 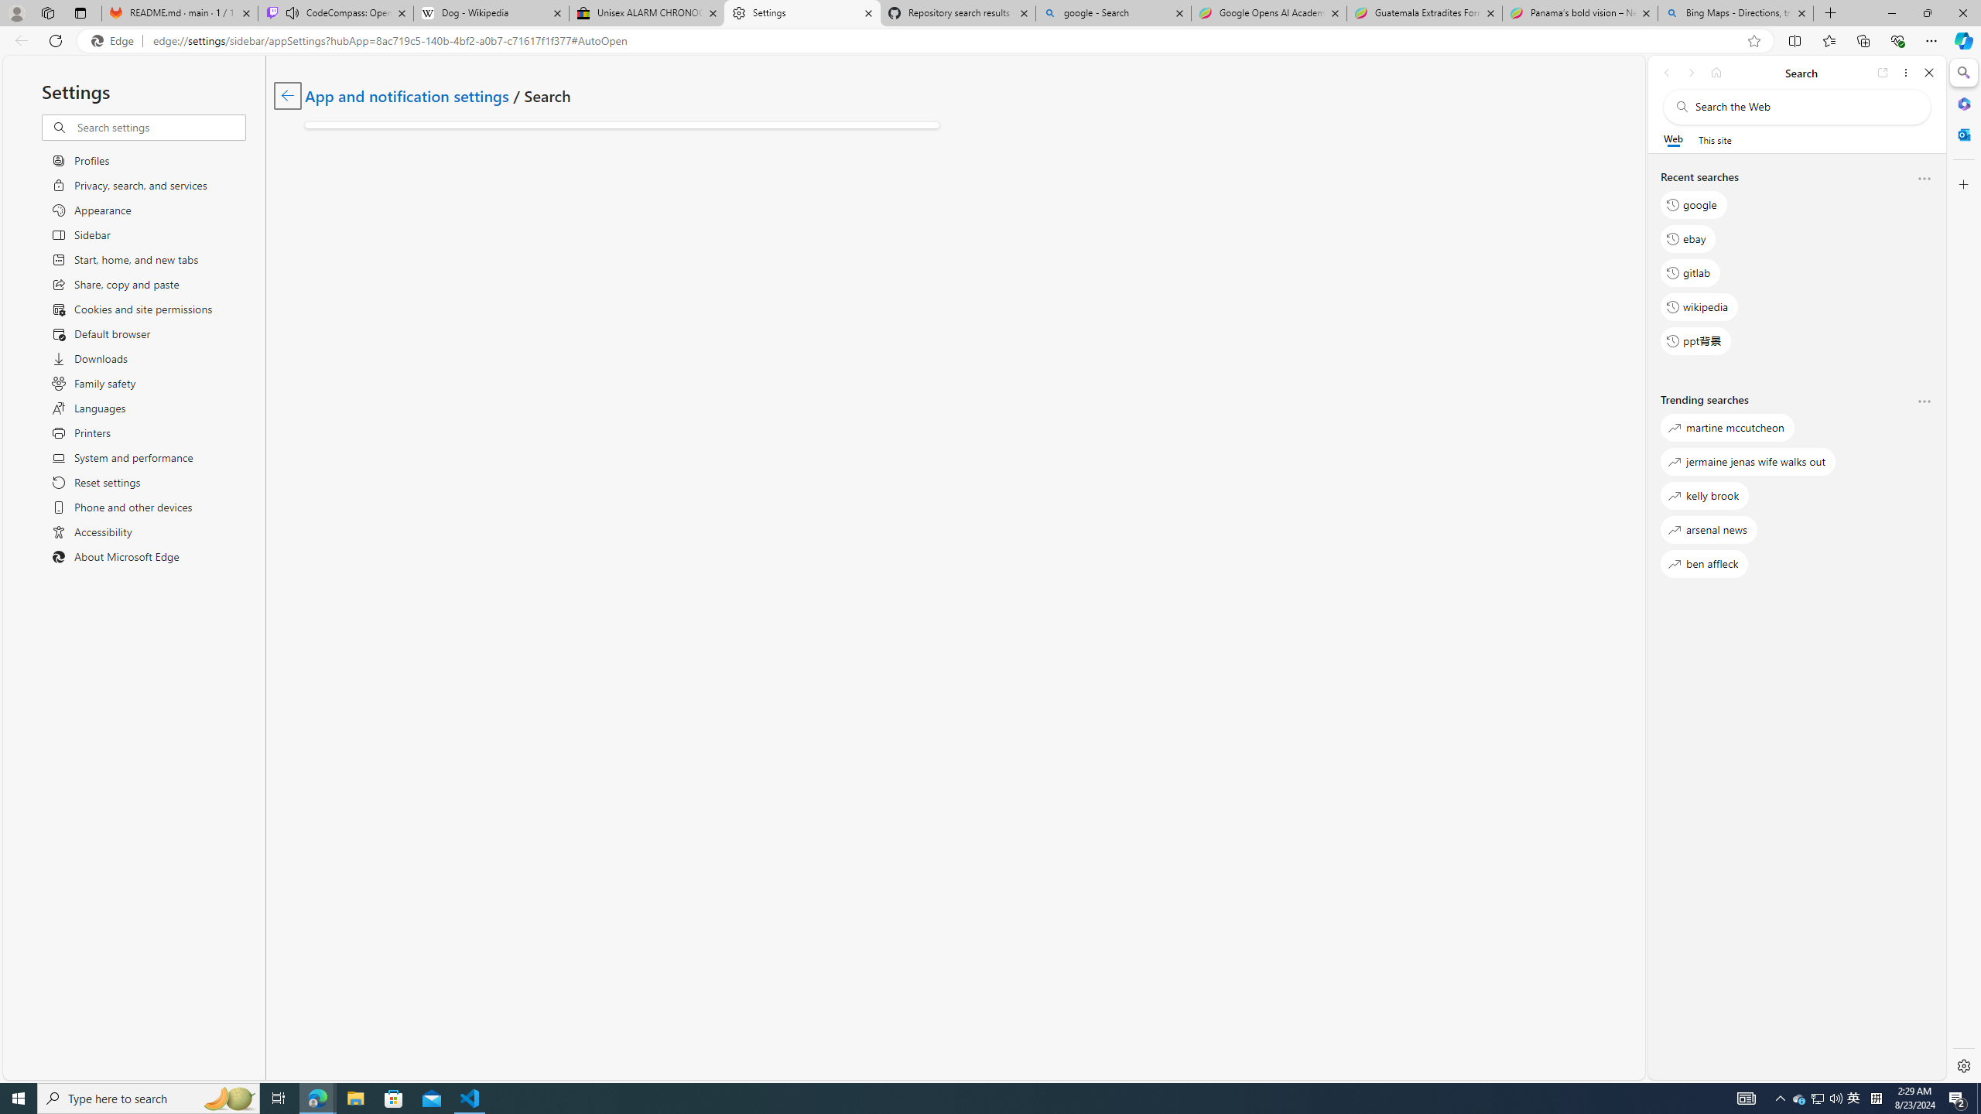 I want to click on 'Dog - Wikipedia', so click(x=490, y=12).